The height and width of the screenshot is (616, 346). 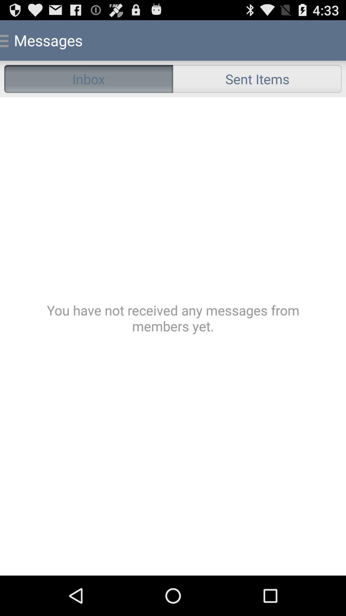 I want to click on the icon to the left of the sent items, so click(x=88, y=78).